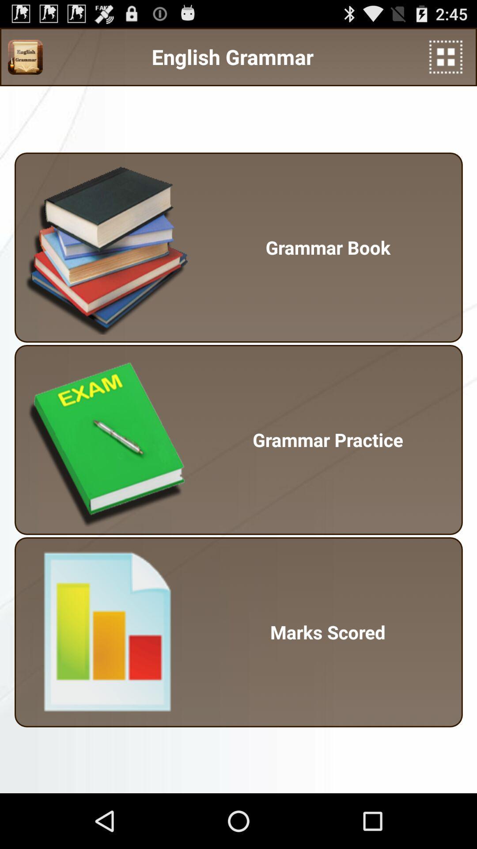 Image resolution: width=477 pixels, height=849 pixels. I want to click on change list mode, so click(446, 57).